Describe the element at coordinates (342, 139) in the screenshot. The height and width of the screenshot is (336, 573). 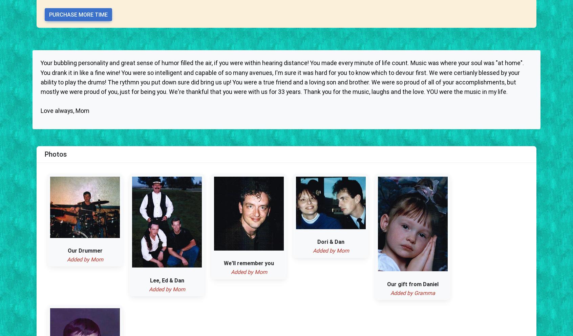
I see `'Email Address Changes'` at that location.